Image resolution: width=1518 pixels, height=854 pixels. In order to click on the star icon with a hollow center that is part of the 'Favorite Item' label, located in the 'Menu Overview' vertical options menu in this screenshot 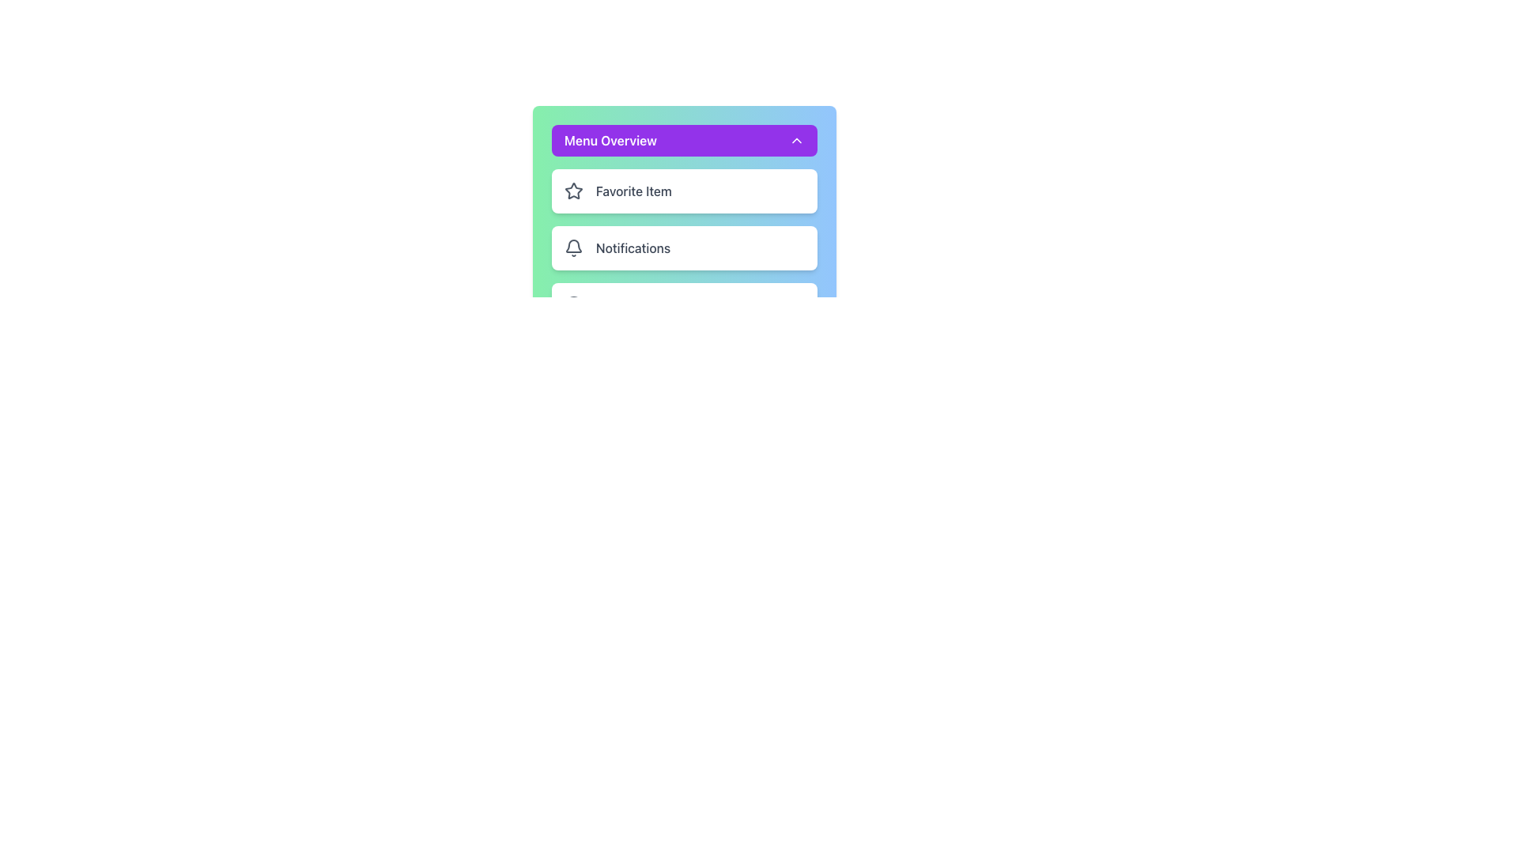, I will do `click(572, 190)`.